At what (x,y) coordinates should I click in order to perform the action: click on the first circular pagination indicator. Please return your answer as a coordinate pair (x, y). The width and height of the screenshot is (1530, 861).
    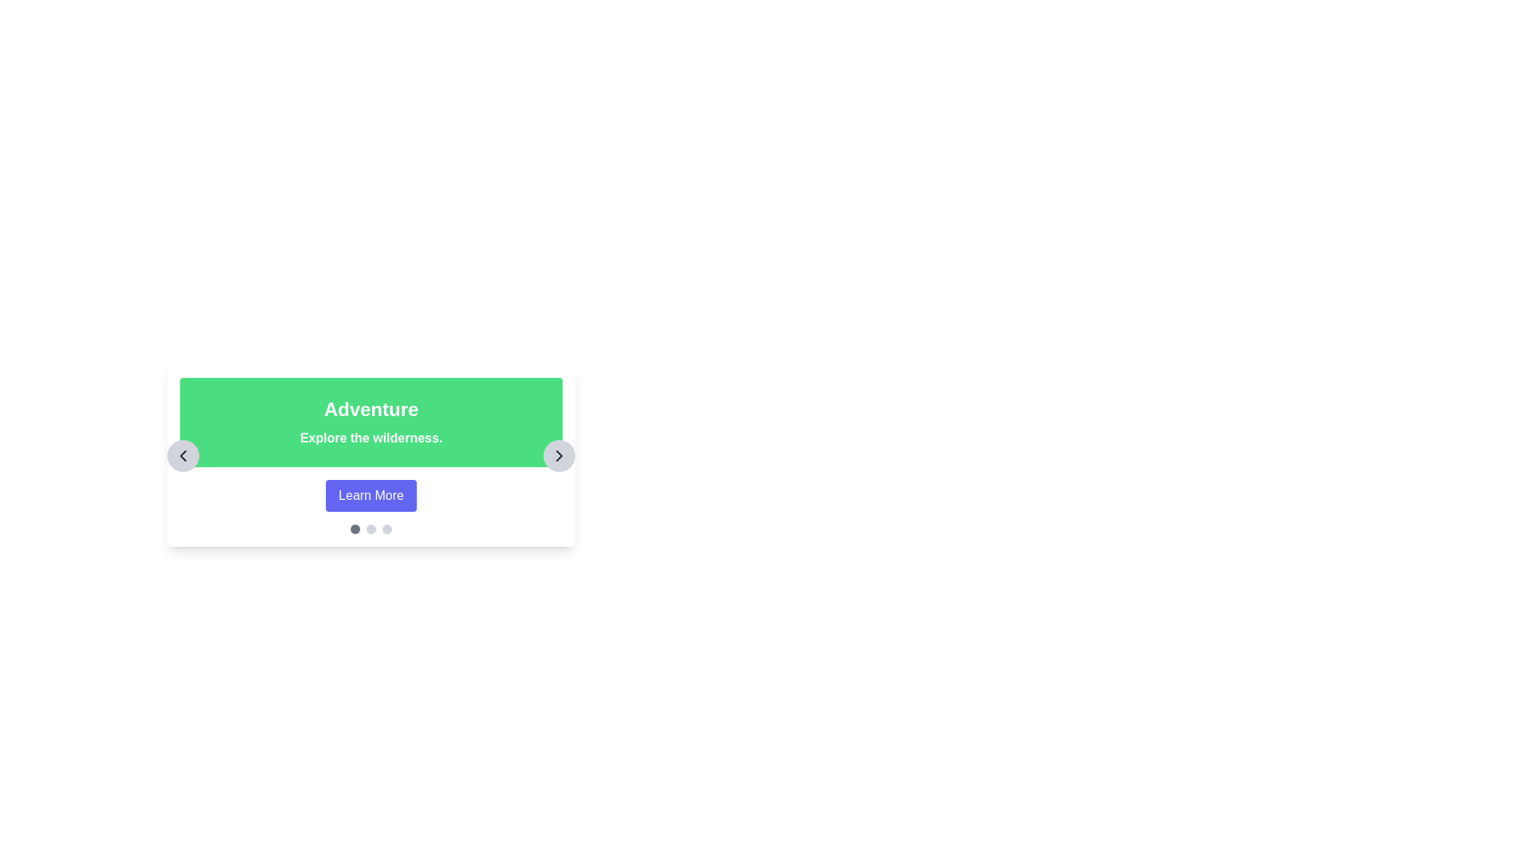
    Looking at the image, I should click on (355, 529).